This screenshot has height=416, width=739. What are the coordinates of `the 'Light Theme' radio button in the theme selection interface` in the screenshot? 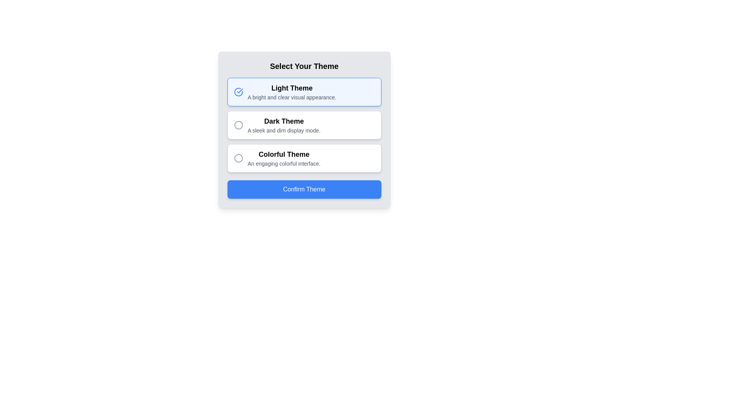 It's located at (304, 92).